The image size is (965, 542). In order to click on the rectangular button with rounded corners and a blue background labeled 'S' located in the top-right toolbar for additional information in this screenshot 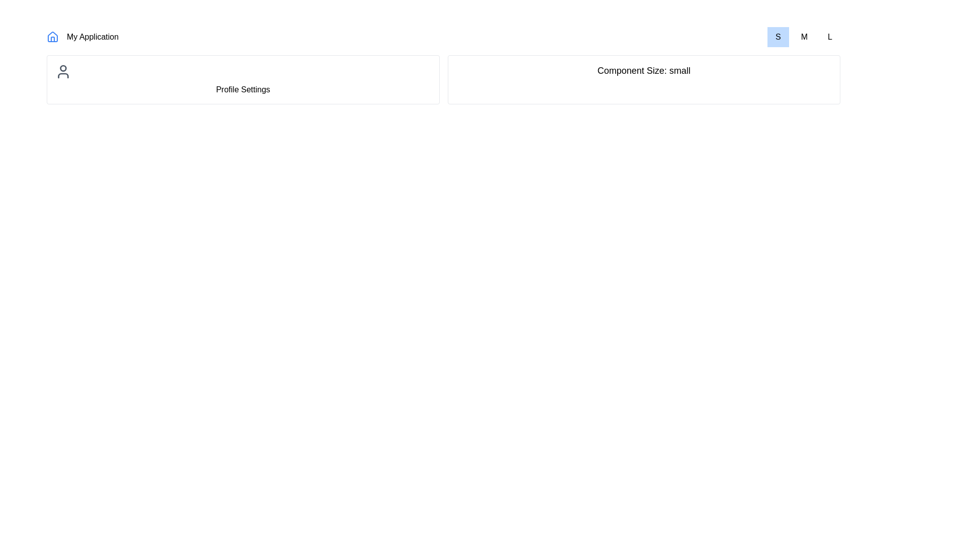, I will do `click(778, 36)`.